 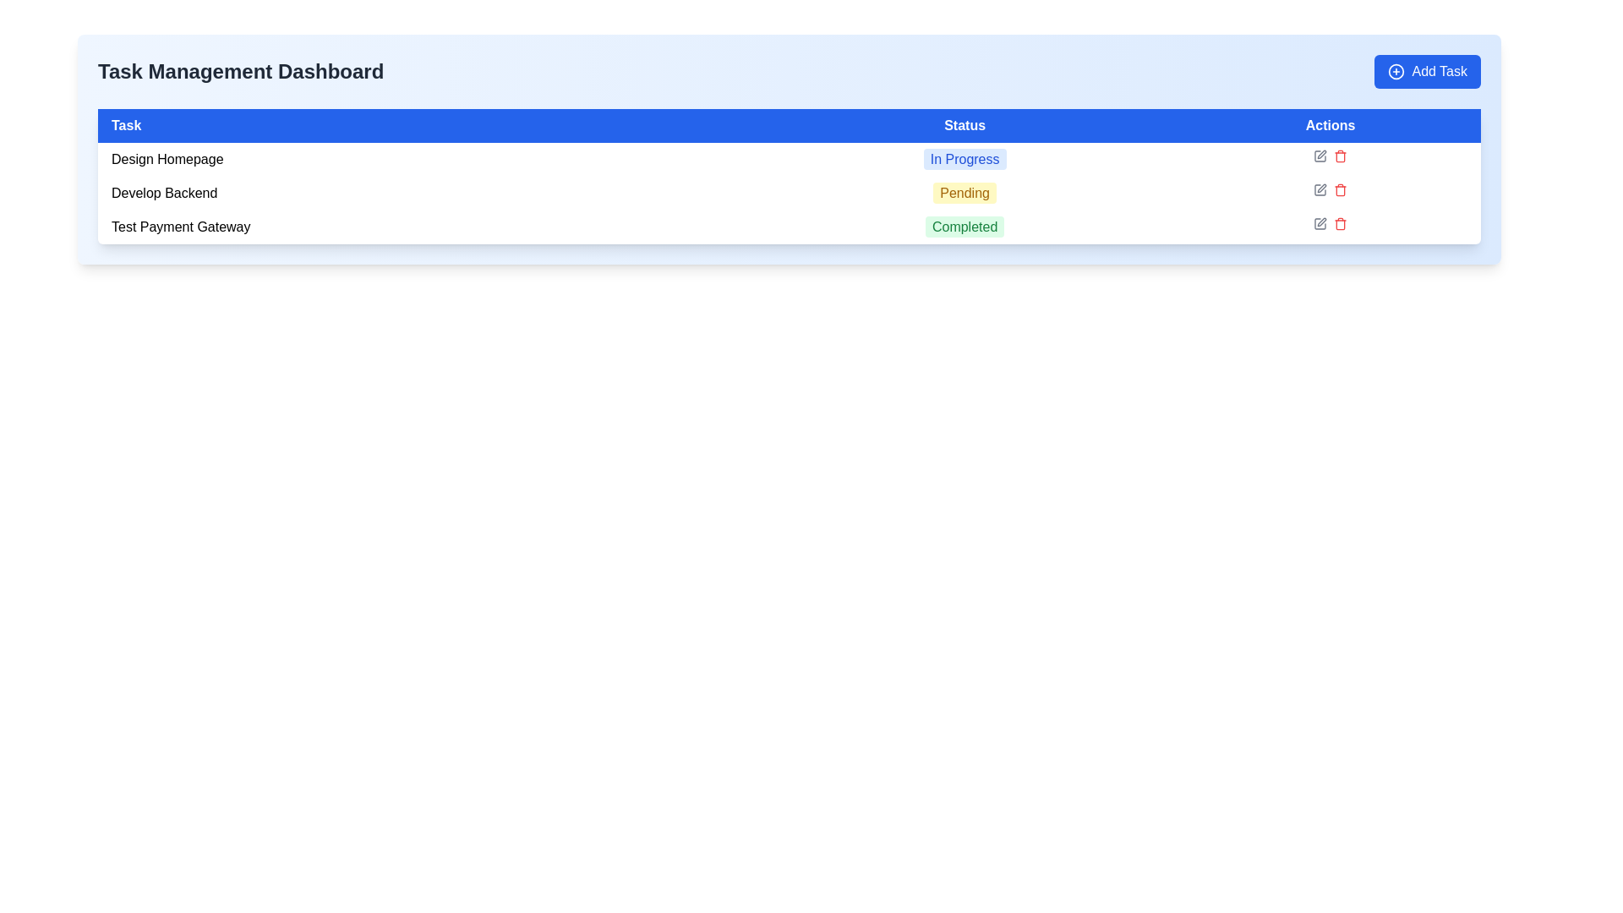 I want to click on the Action Buttons Group in the last row of the table under the 'Actions' column, so click(x=1330, y=223).